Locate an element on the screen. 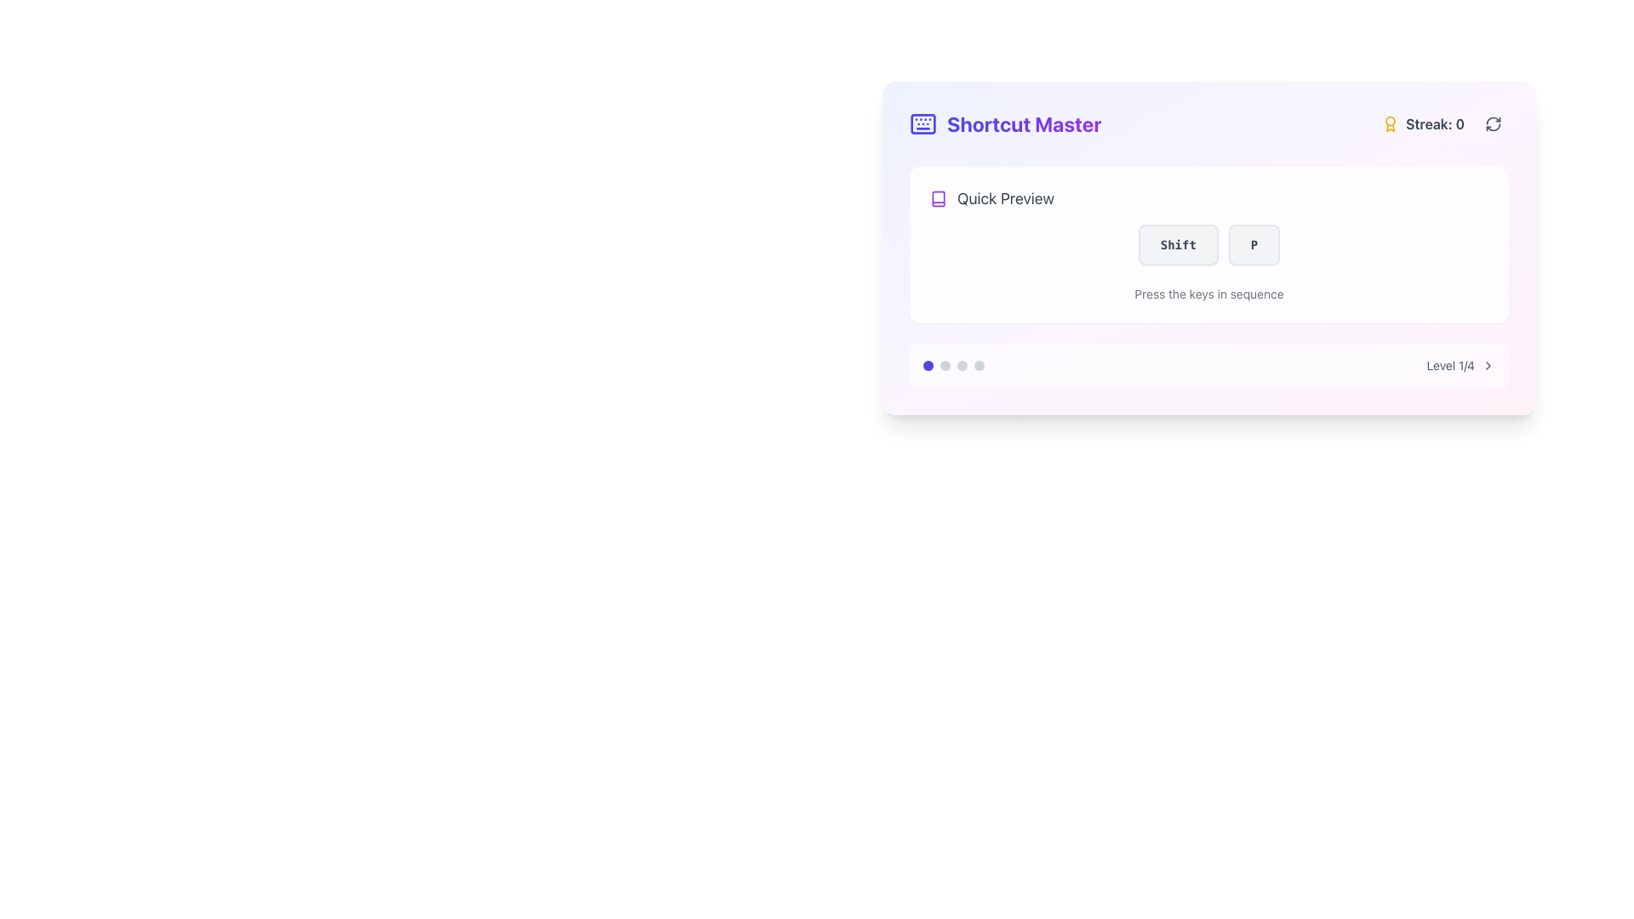  the button labeled 'P', which is a rectangular button with a light gray background, rounded corners, and a slightly darker gray border, positioned to the right of the 'Shift' button is located at coordinates (1254, 245).